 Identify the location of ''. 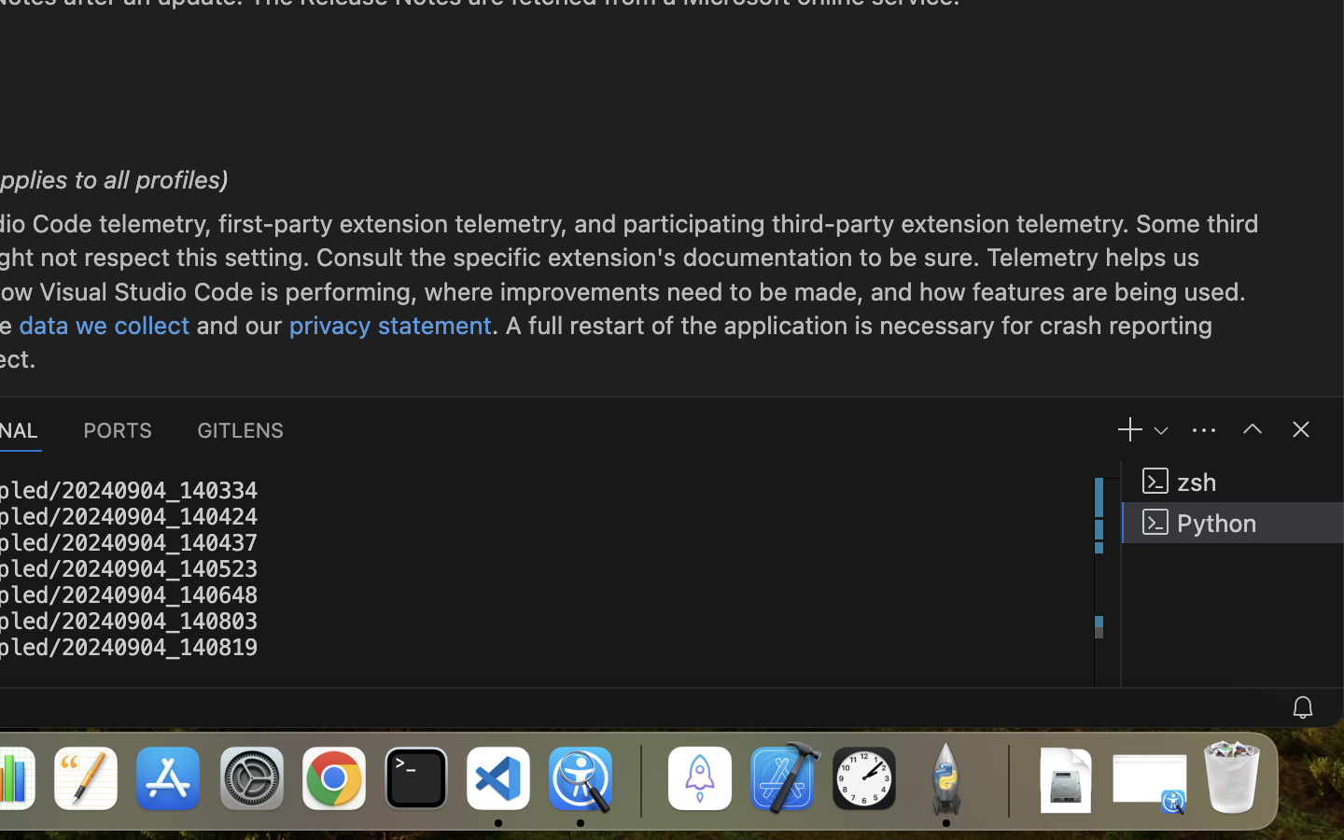
(1251, 427).